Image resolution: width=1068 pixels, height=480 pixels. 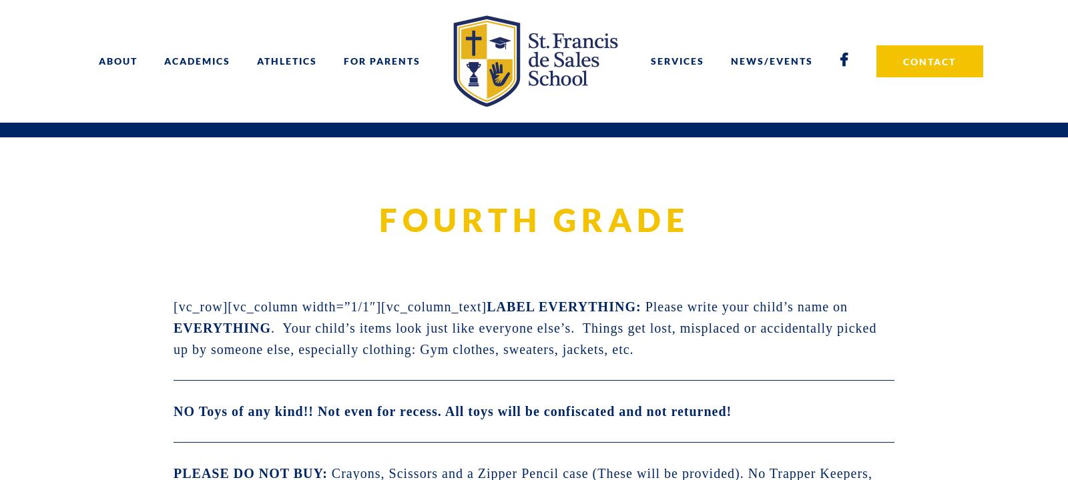 I want to click on 'School Calendar', so click(x=282, y=153).